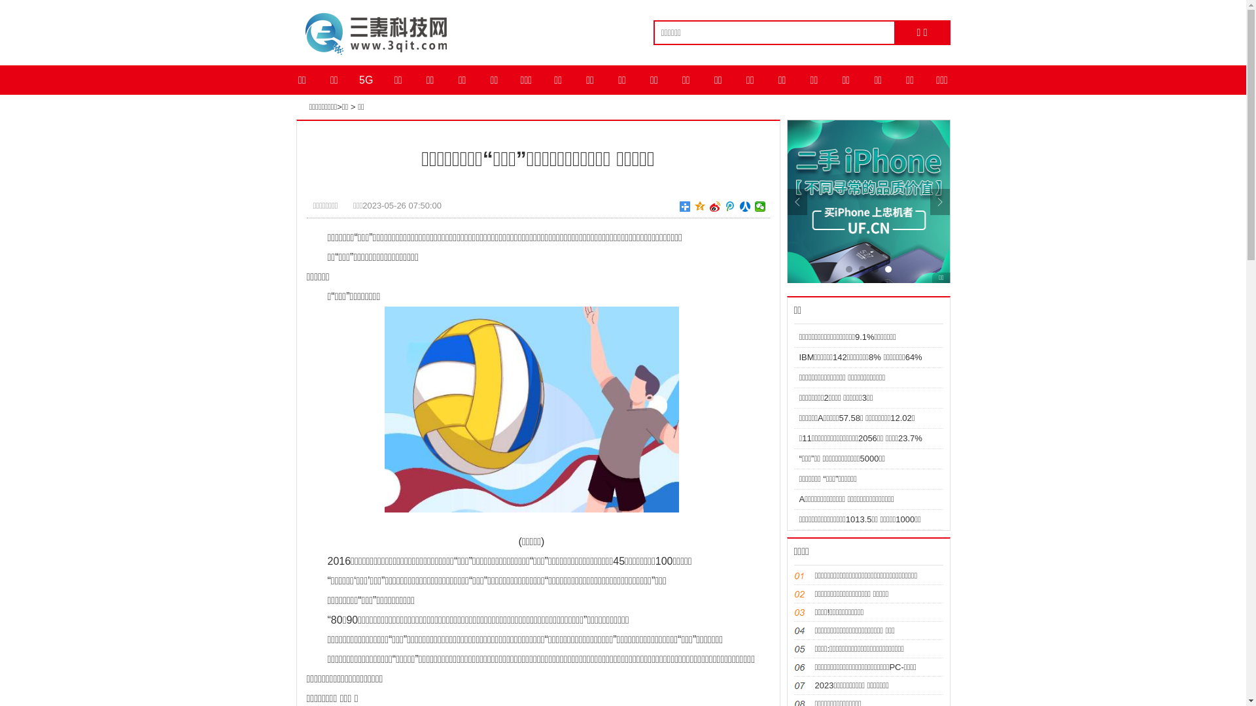 This screenshot has width=1256, height=706. Describe the element at coordinates (366, 80) in the screenshot. I see `'5G'` at that location.